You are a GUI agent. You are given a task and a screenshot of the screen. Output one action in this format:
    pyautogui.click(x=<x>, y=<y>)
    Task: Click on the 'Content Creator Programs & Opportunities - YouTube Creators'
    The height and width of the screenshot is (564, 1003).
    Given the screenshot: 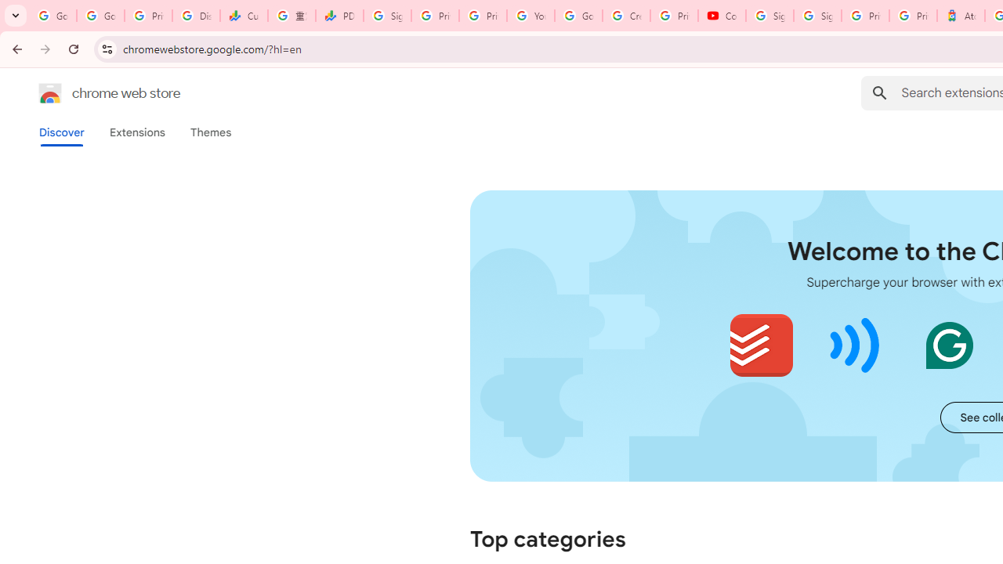 What is the action you would take?
    pyautogui.click(x=721, y=16)
    